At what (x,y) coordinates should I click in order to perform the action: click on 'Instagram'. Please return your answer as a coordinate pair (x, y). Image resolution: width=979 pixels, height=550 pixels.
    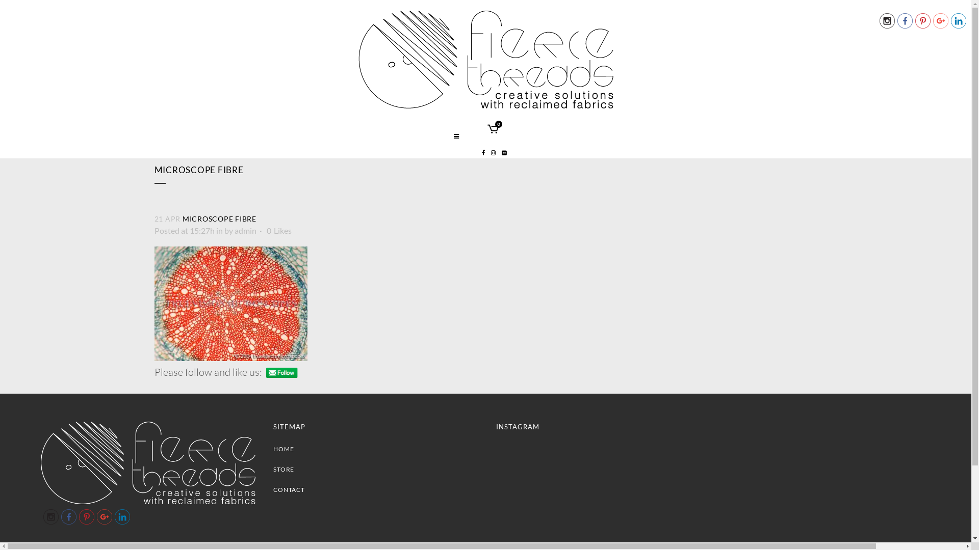
    Looking at the image, I should click on (50, 516).